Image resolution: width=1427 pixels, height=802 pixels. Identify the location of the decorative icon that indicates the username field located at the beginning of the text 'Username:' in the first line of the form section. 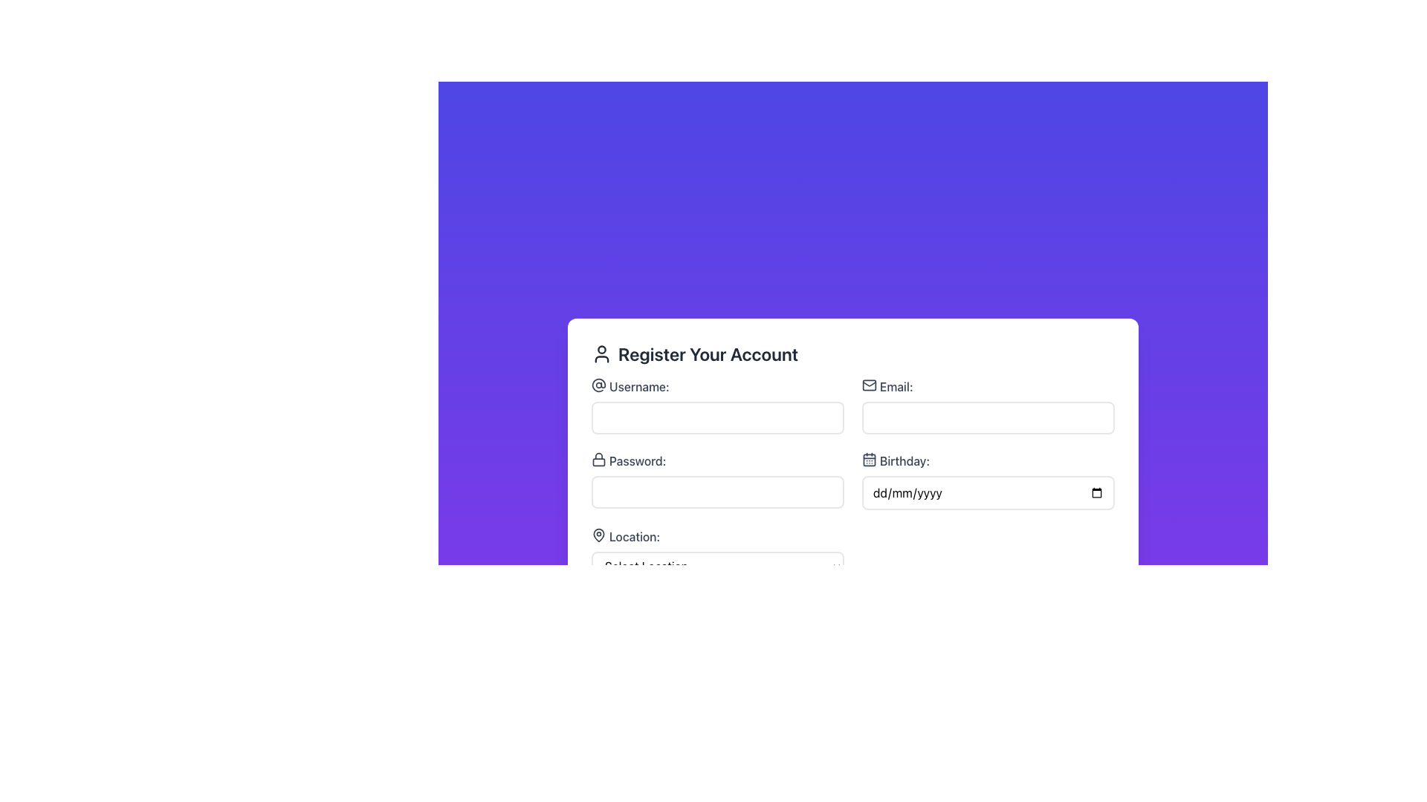
(599, 385).